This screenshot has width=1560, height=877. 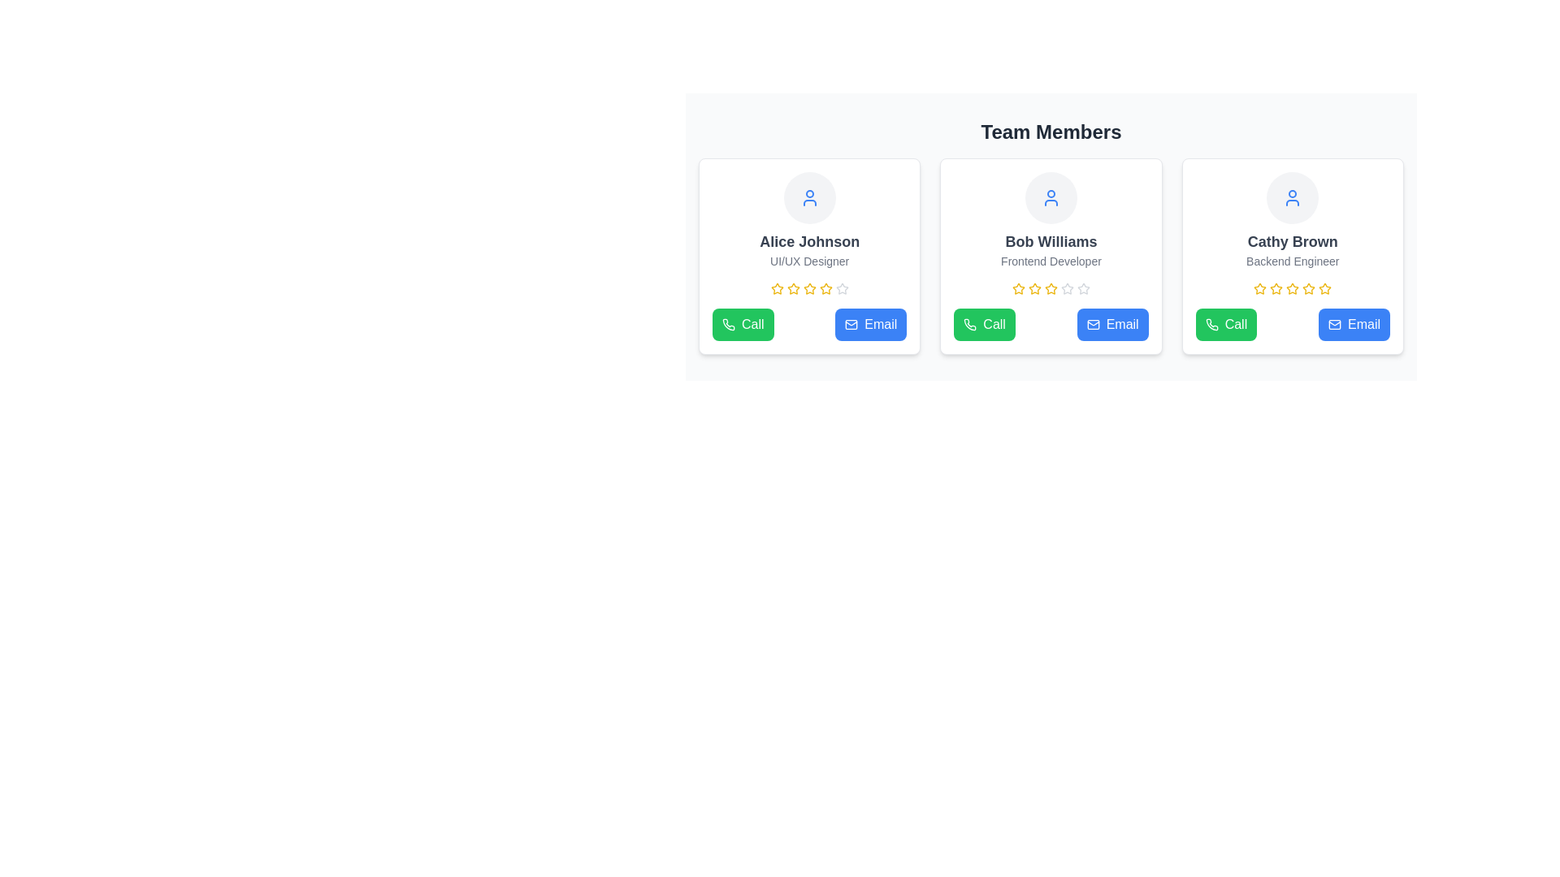 I want to click on the circular icon with a light gray background and a blue person-shaped outline for 'Cathy Brown' located in the top section of her card in the 'Team Members' row, so click(x=1292, y=197).